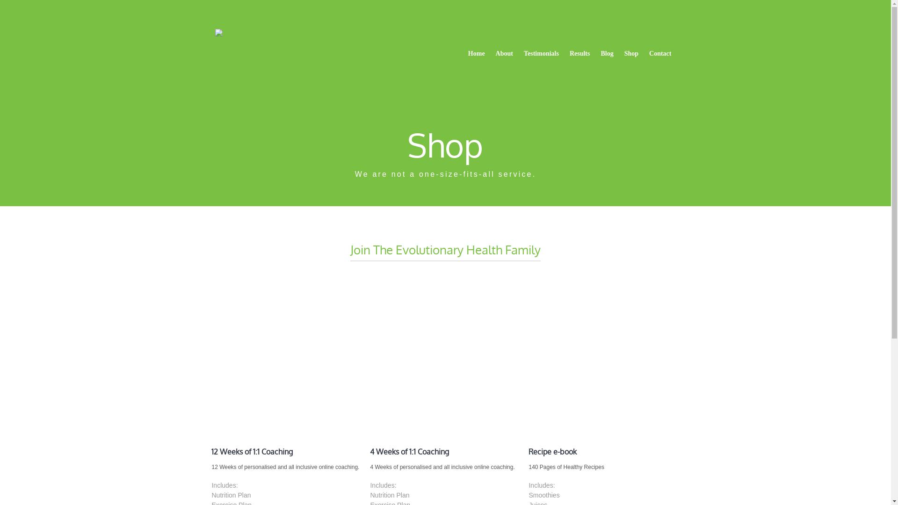 Image resolution: width=898 pixels, height=505 pixels. What do you see at coordinates (631, 54) in the screenshot?
I see `'Shop'` at bounding box center [631, 54].